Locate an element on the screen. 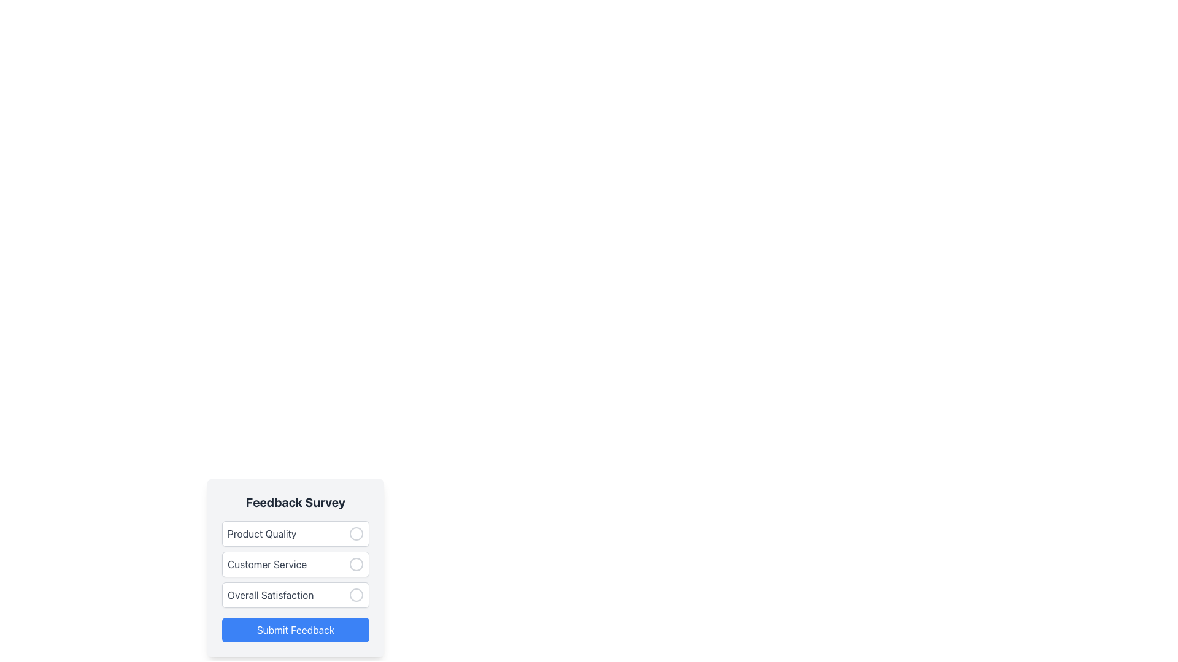 The image size is (1178, 662). the mouse over the group of selectable options (radio buttons) in the Feedback Survey is located at coordinates (295, 565).